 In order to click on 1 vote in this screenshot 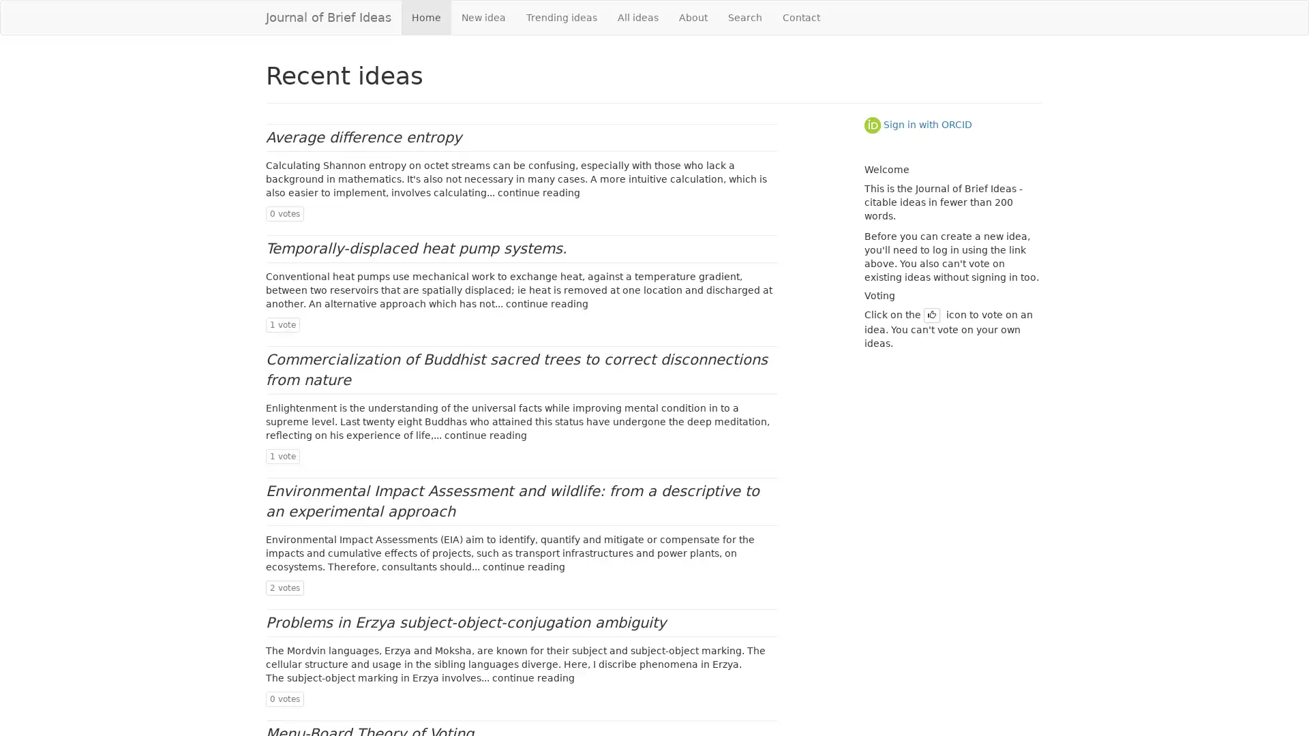, I will do `click(282, 325)`.